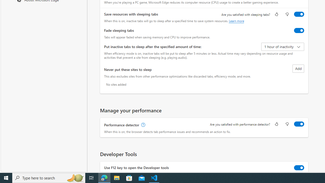 The width and height of the screenshot is (325, 183). What do you see at coordinates (298, 69) in the screenshot?
I see `'Add site to never put these sites to sleep list'` at bounding box center [298, 69].